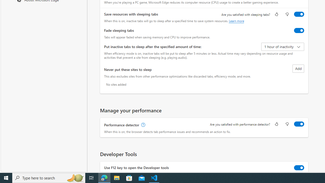 The width and height of the screenshot is (325, 183). What do you see at coordinates (298, 69) in the screenshot?
I see `'Add site to never put these sites to sleep list'` at bounding box center [298, 69].